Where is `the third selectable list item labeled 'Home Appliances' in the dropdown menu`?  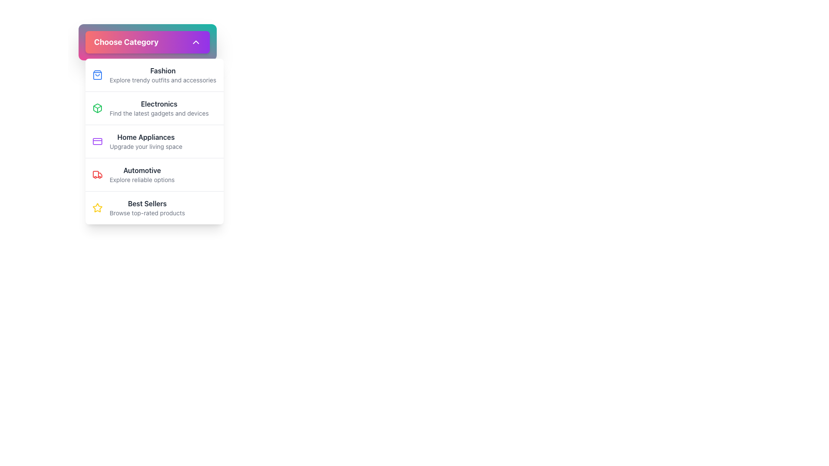
the third selectable list item labeled 'Home Appliances' in the dropdown menu is located at coordinates (155, 141).